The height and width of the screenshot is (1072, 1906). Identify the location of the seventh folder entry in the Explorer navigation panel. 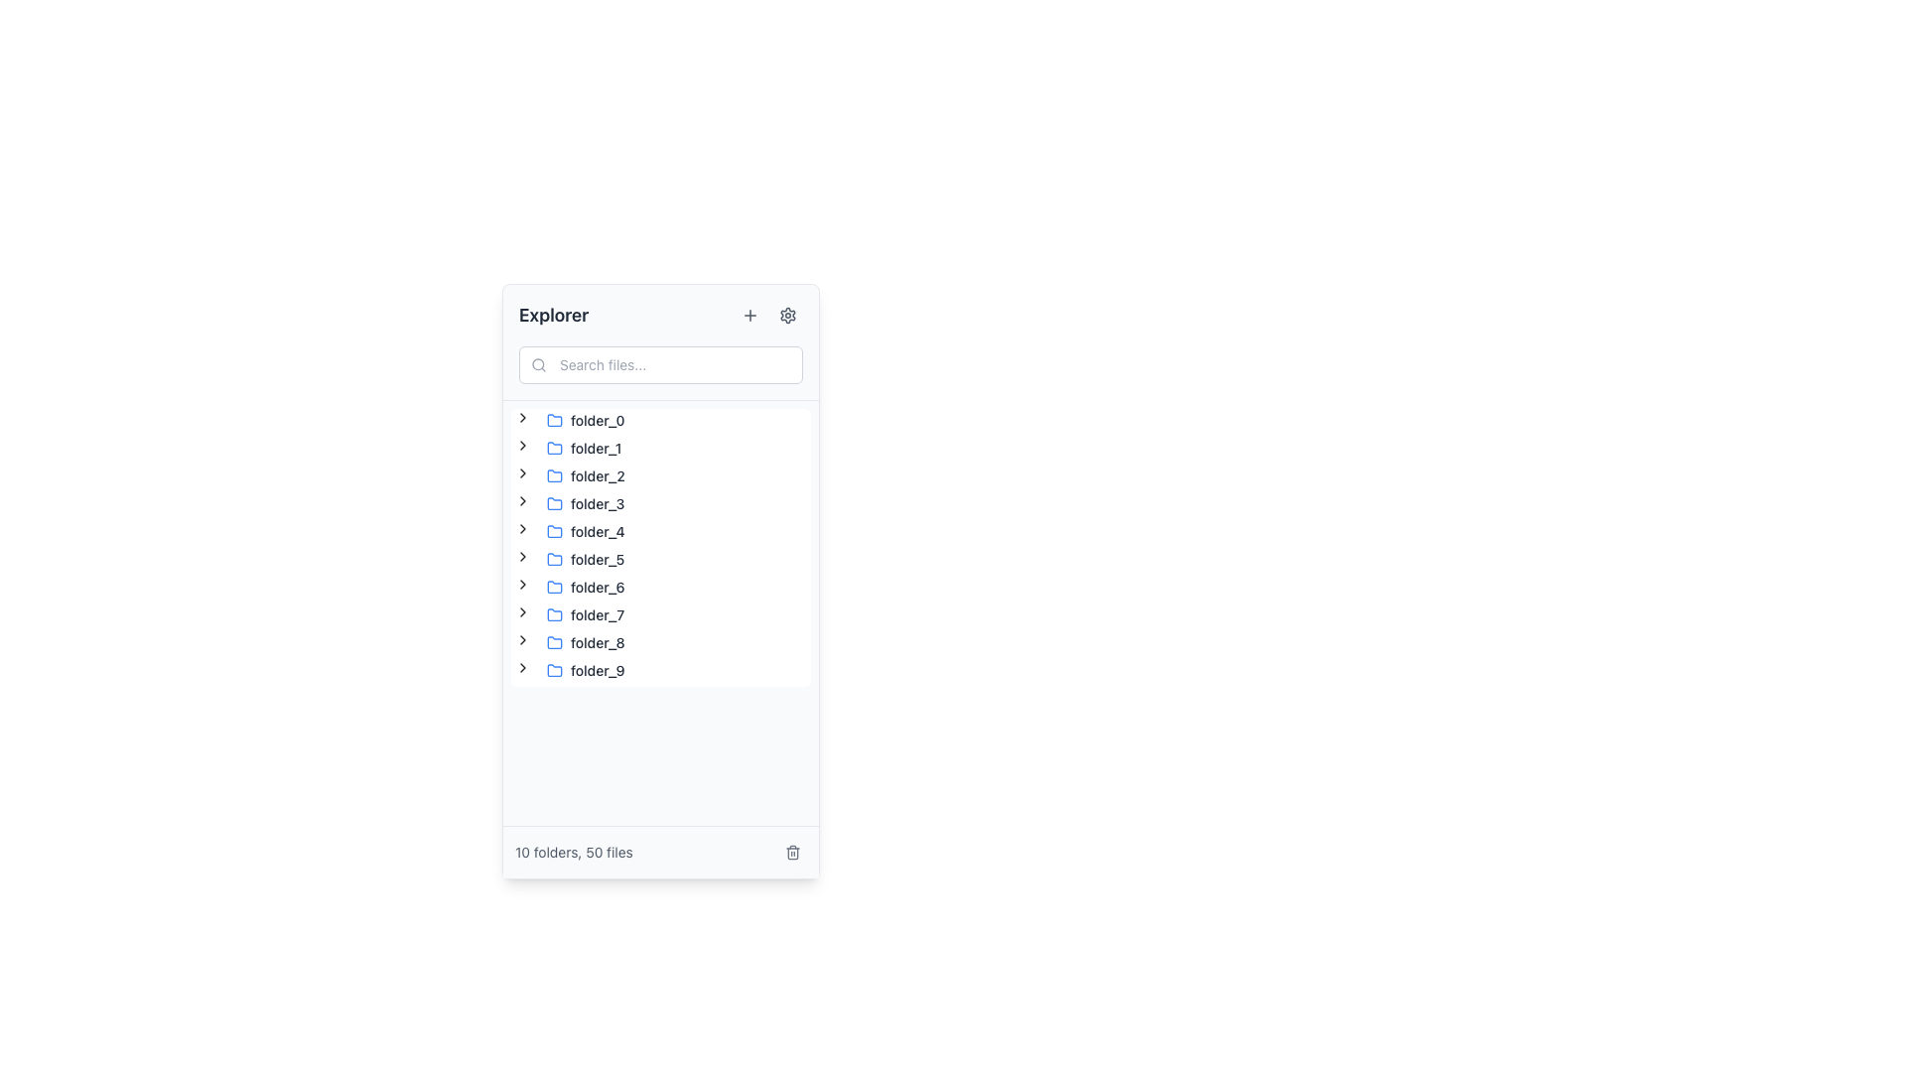
(585, 614).